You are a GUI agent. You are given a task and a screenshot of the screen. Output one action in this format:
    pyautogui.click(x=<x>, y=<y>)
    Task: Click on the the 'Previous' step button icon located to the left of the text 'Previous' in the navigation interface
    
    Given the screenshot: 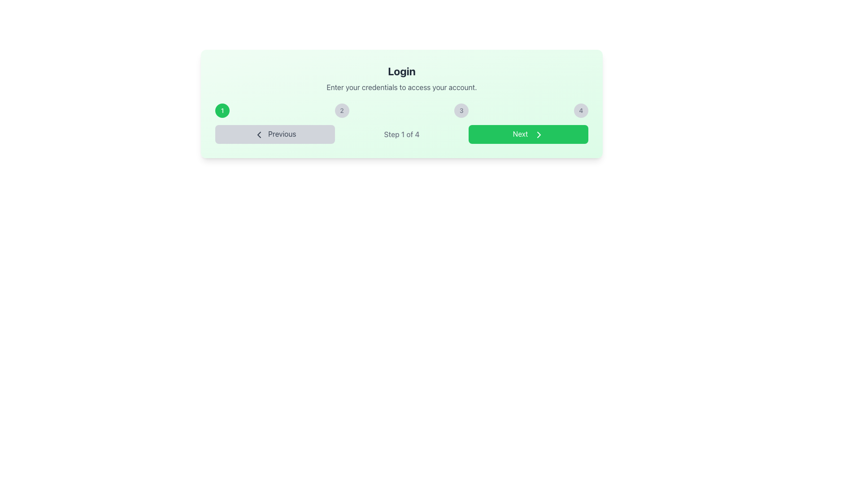 What is the action you would take?
    pyautogui.click(x=259, y=134)
    